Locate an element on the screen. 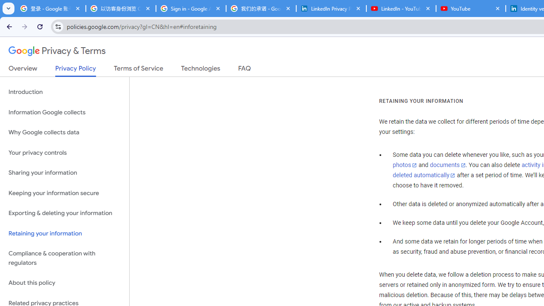 The image size is (544, 306). 'Introduction' is located at coordinates (64, 92).